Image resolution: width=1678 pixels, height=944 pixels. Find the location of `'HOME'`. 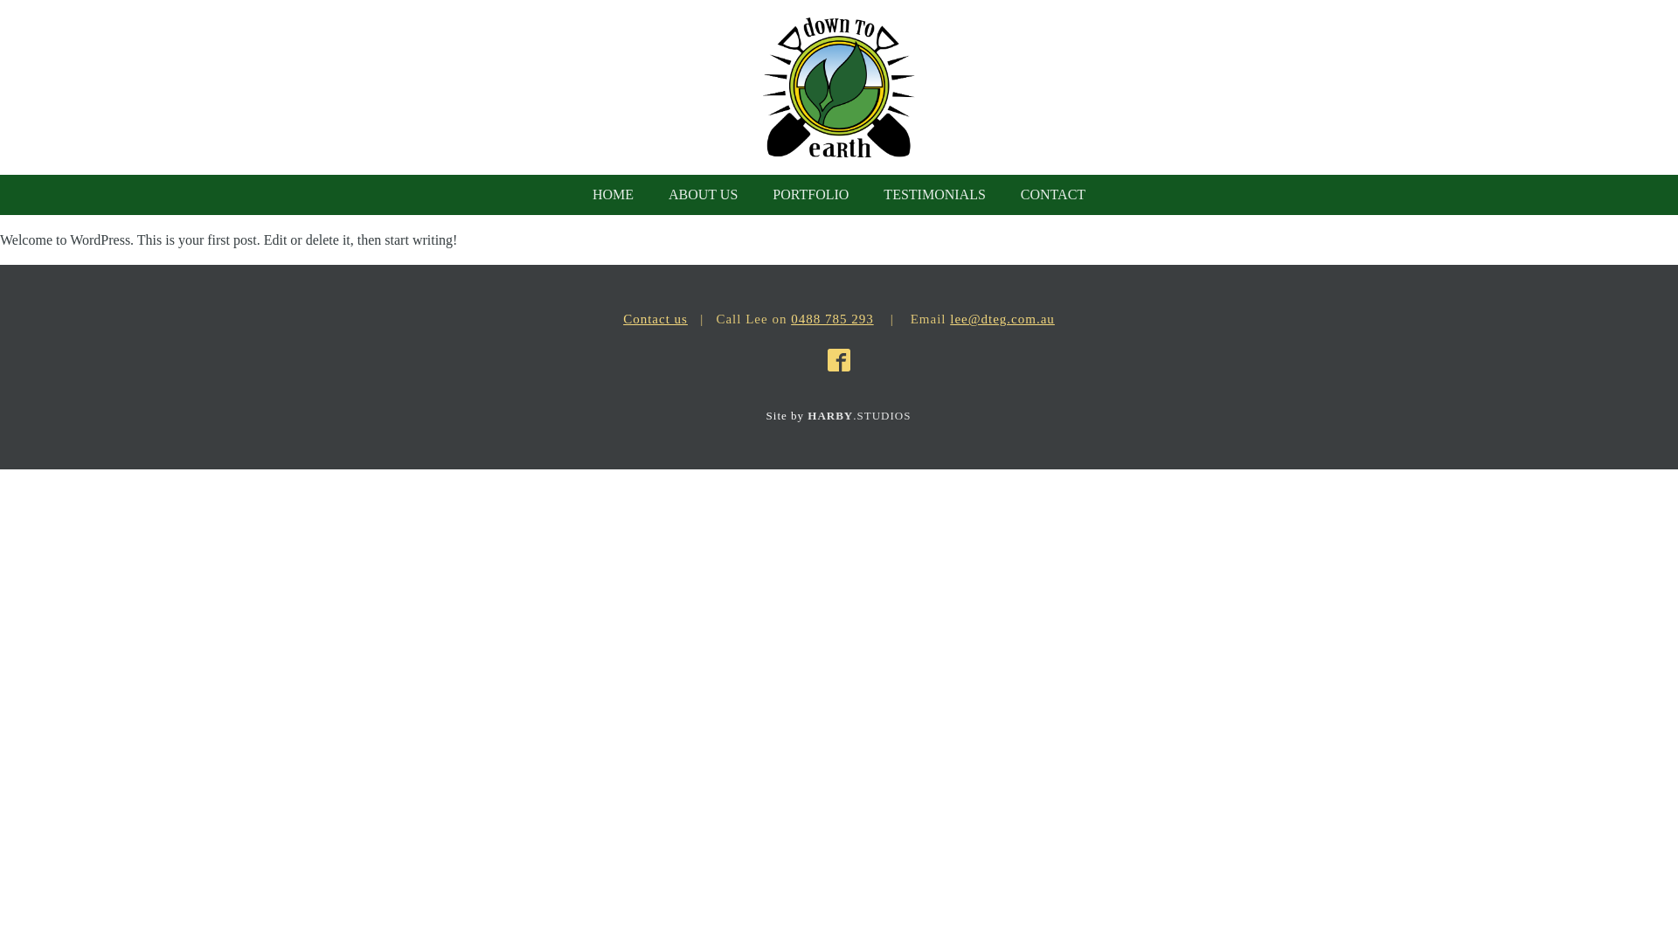

'HOME' is located at coordinates (574, 195).